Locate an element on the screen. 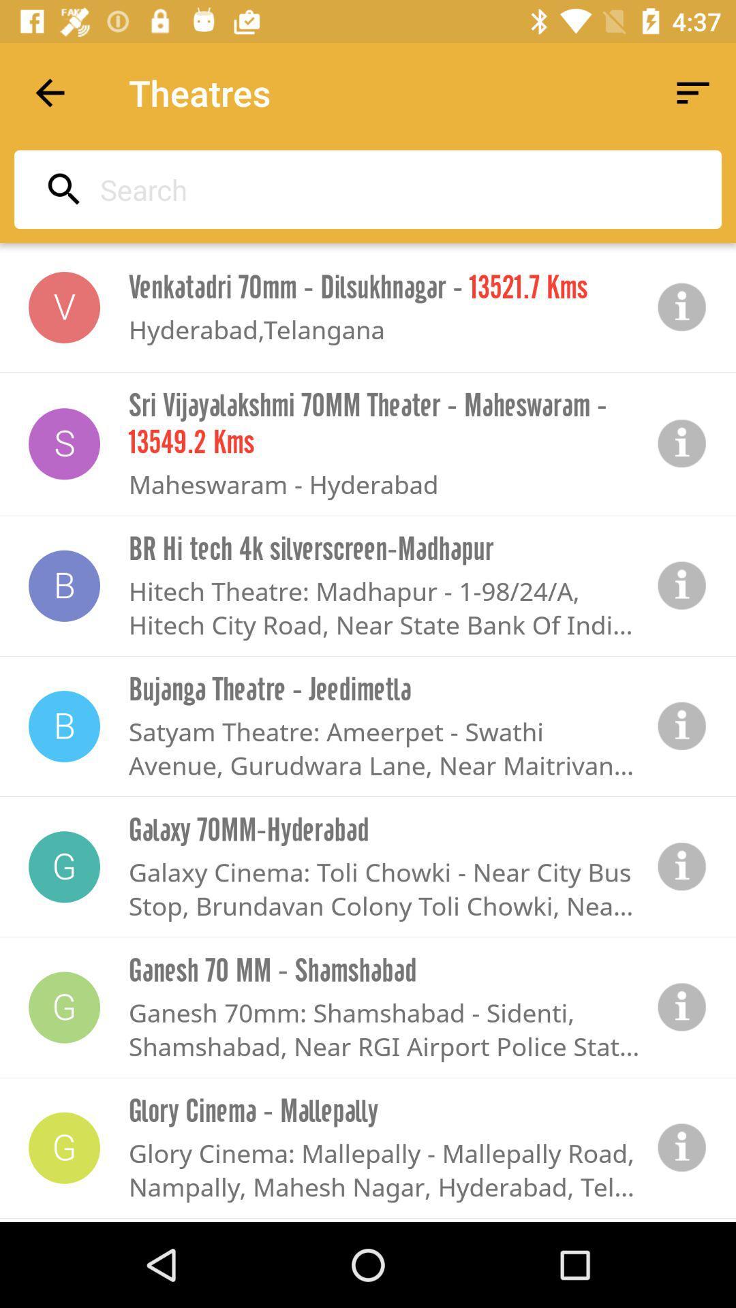 Image resolution: width=736 pixels, height=1308 pixels. get more info on this awaiting adventure is located at coordinates (682, 586).